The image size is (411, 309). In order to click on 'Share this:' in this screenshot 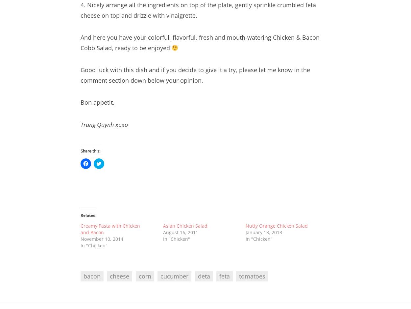, I will do `click(90, 151)`.